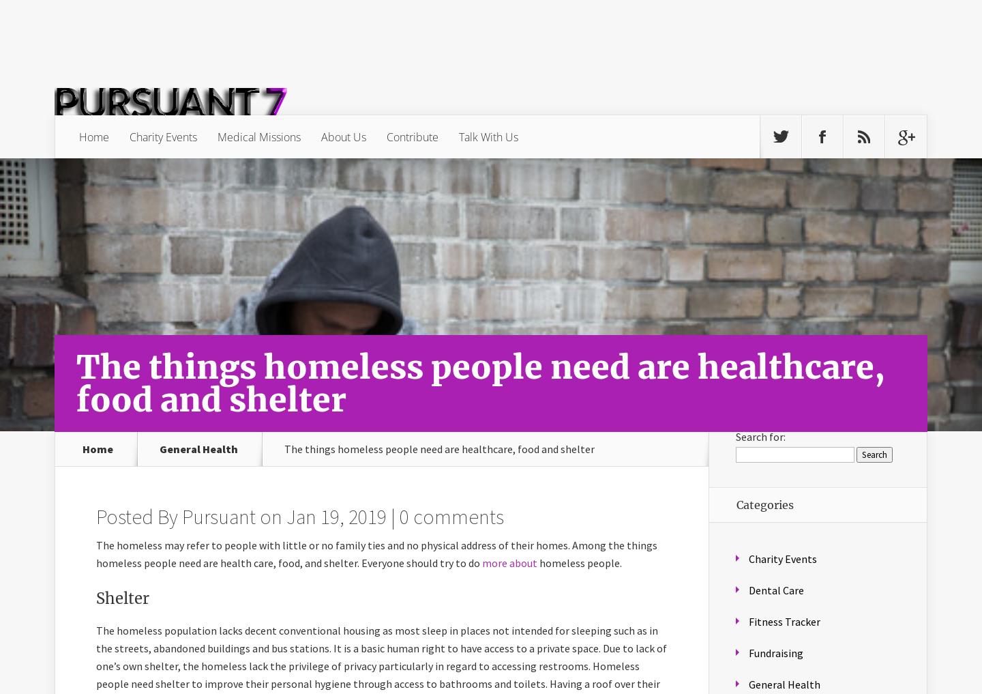  I want to click on 'more about', so click(509, 562).